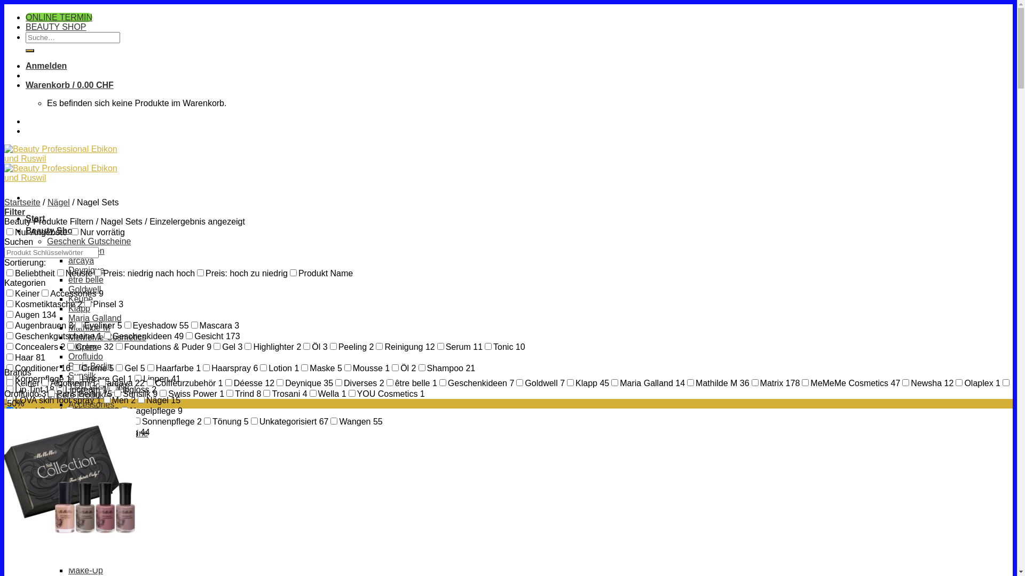  I want to click on 'Beauty Professional Ebikon und Ruswil - Esther Winiger', so click(66, 168).